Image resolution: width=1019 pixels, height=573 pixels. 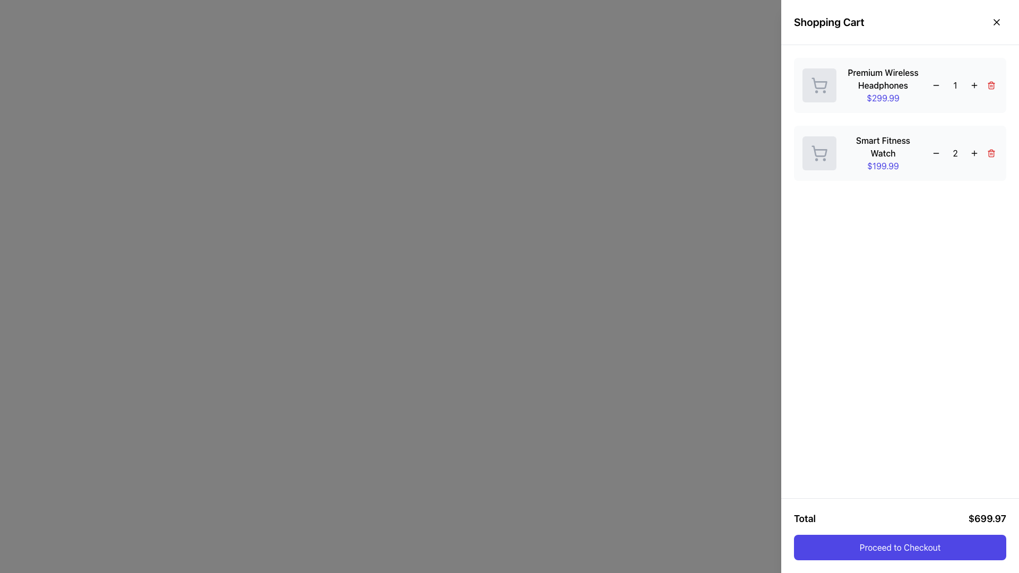 I want to click on the static text displaying the number '1' in the quantity changer for the 'Premium Wireless Headphones', located between the decrement ('-') and increment ('+') buttons, so click(x=955, y=85).